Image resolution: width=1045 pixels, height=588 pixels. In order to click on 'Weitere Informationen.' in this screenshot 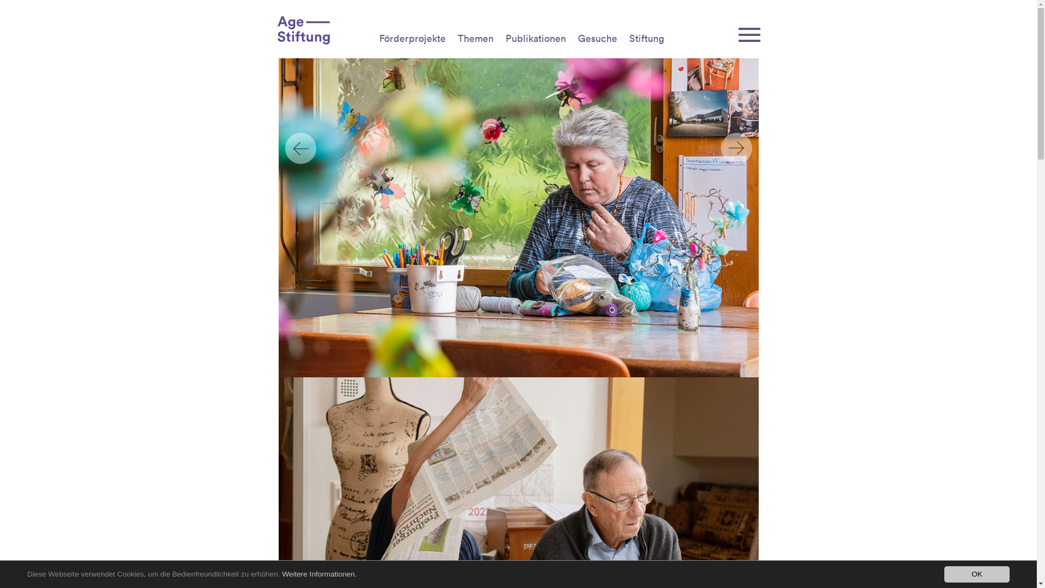, I will do `click(318, 573)`.